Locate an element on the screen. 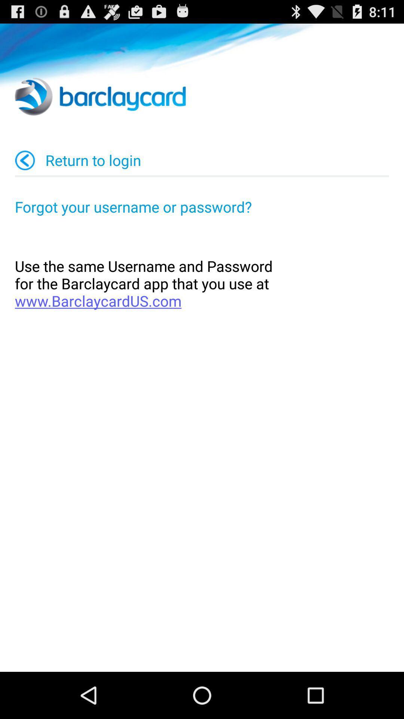  the use the same is located at coordinates (202, 283).